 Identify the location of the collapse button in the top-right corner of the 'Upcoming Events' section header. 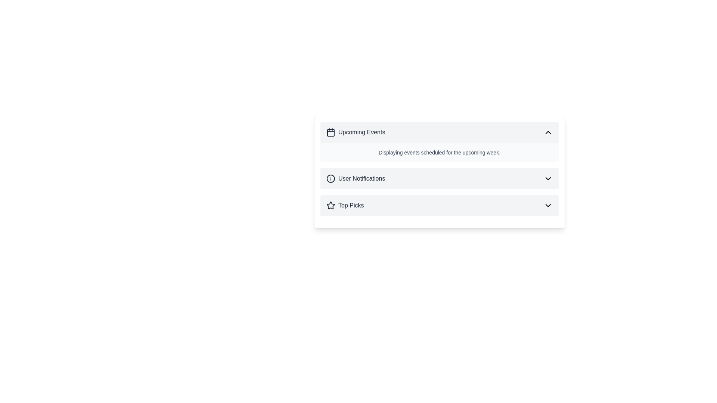
(548, 132).